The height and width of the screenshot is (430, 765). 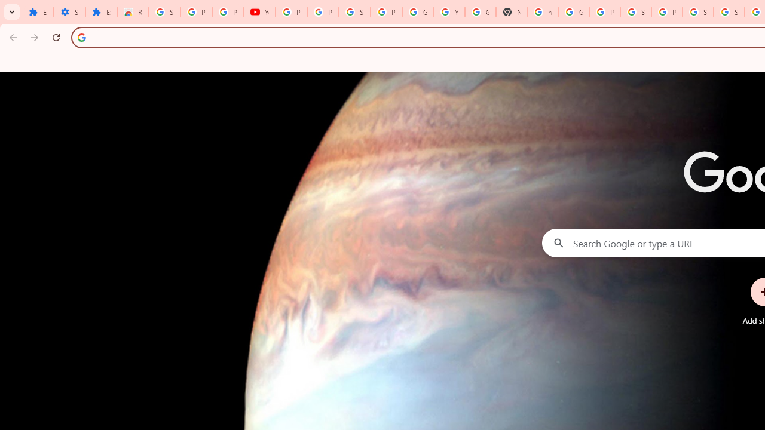 I want to click on 'Sign in - Google Accounts', so click(x=698, y=12).